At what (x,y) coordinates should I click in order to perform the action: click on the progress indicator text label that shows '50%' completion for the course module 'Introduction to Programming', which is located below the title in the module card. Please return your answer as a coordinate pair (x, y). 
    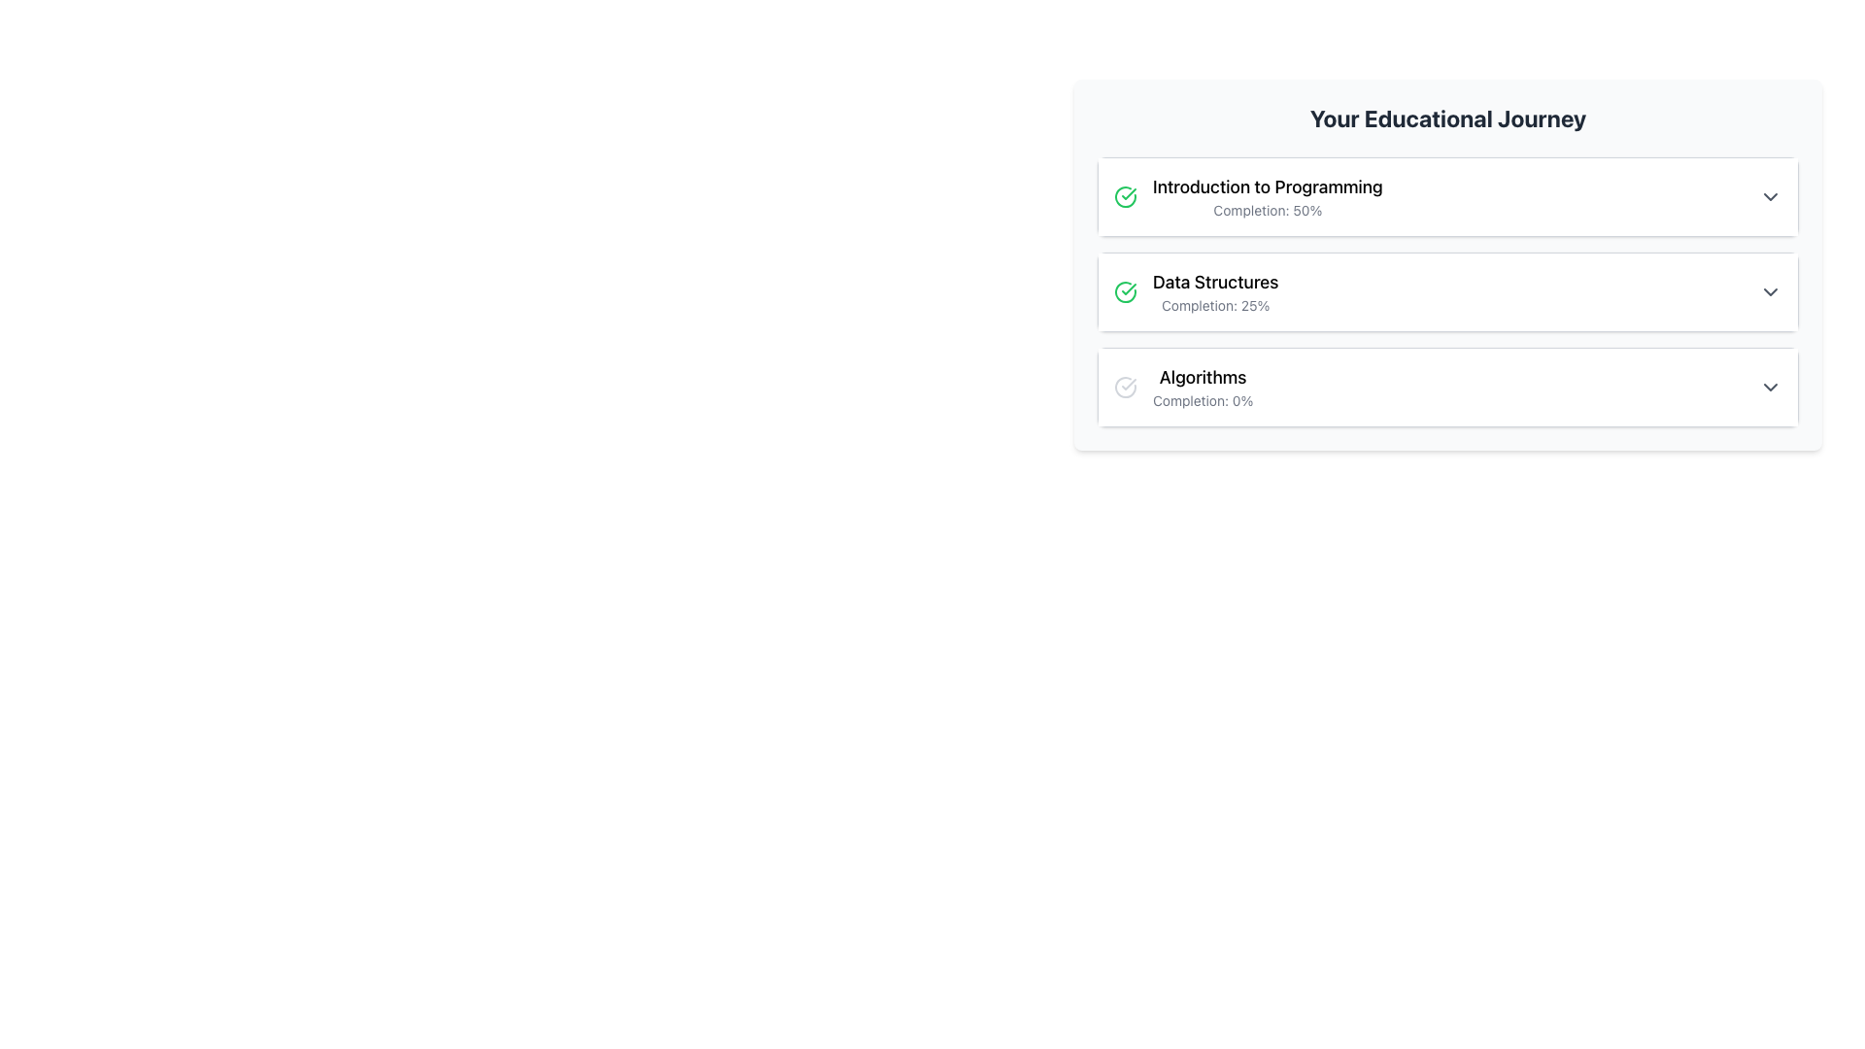
    Looking at the image, I should click on (1268, 210).